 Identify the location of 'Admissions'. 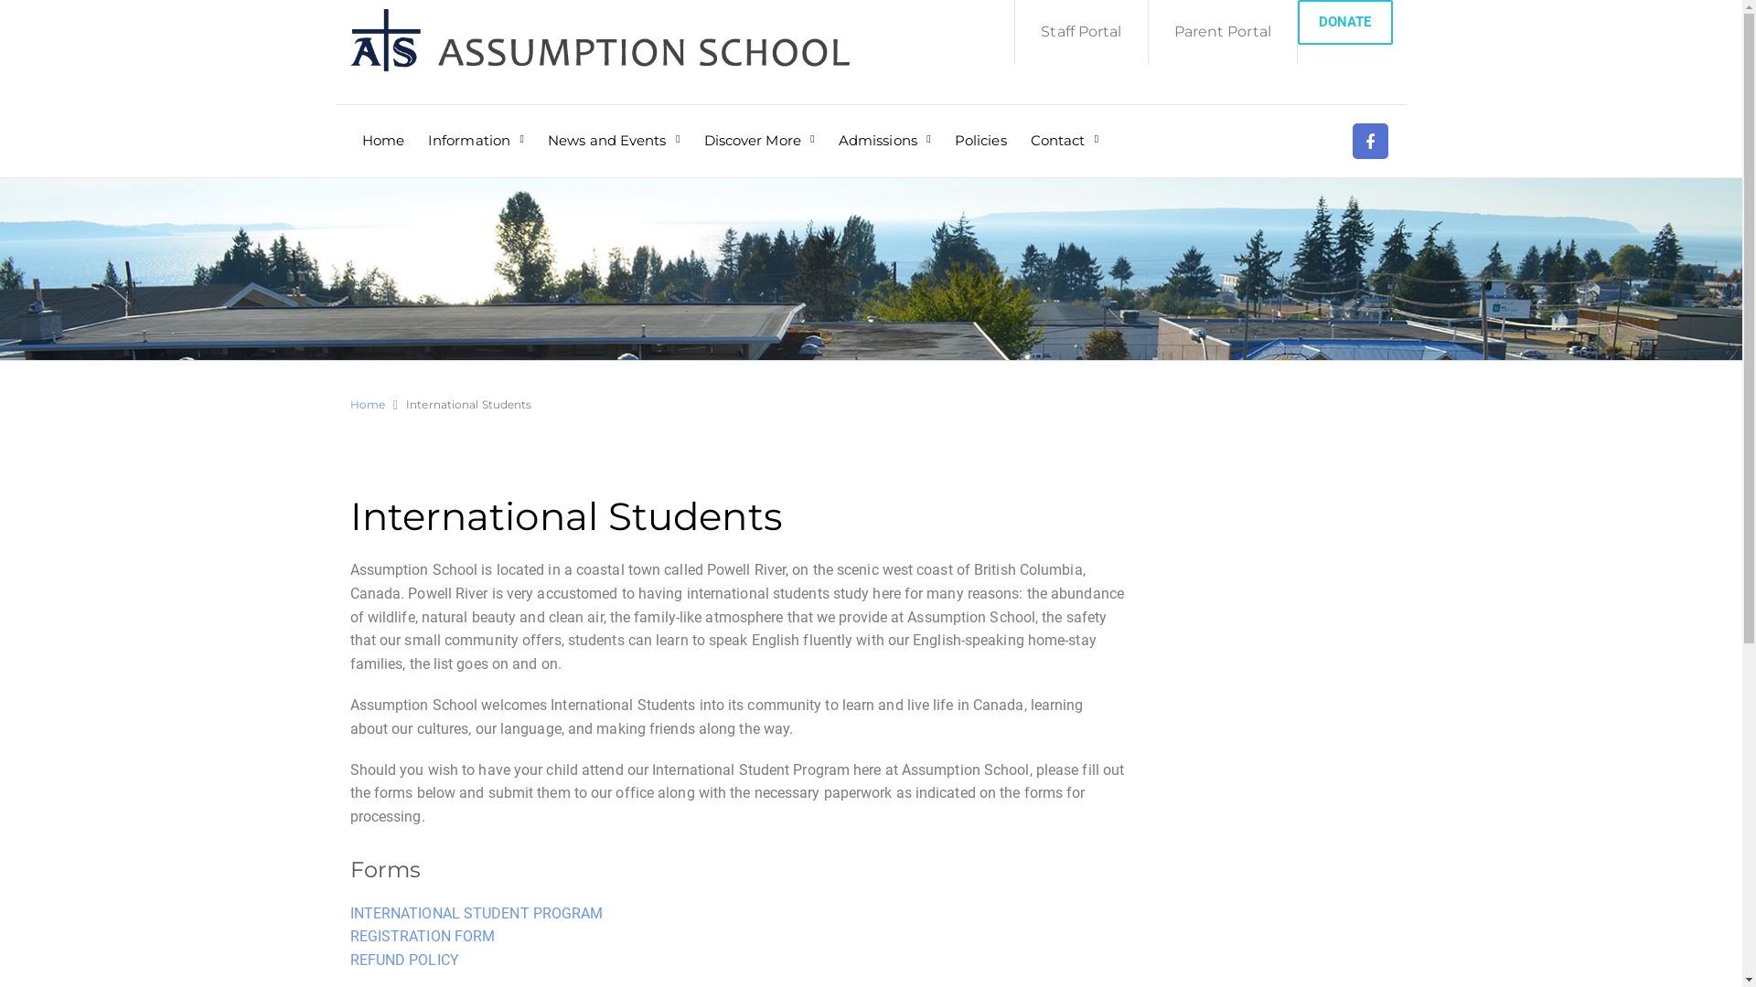
(884, 127).